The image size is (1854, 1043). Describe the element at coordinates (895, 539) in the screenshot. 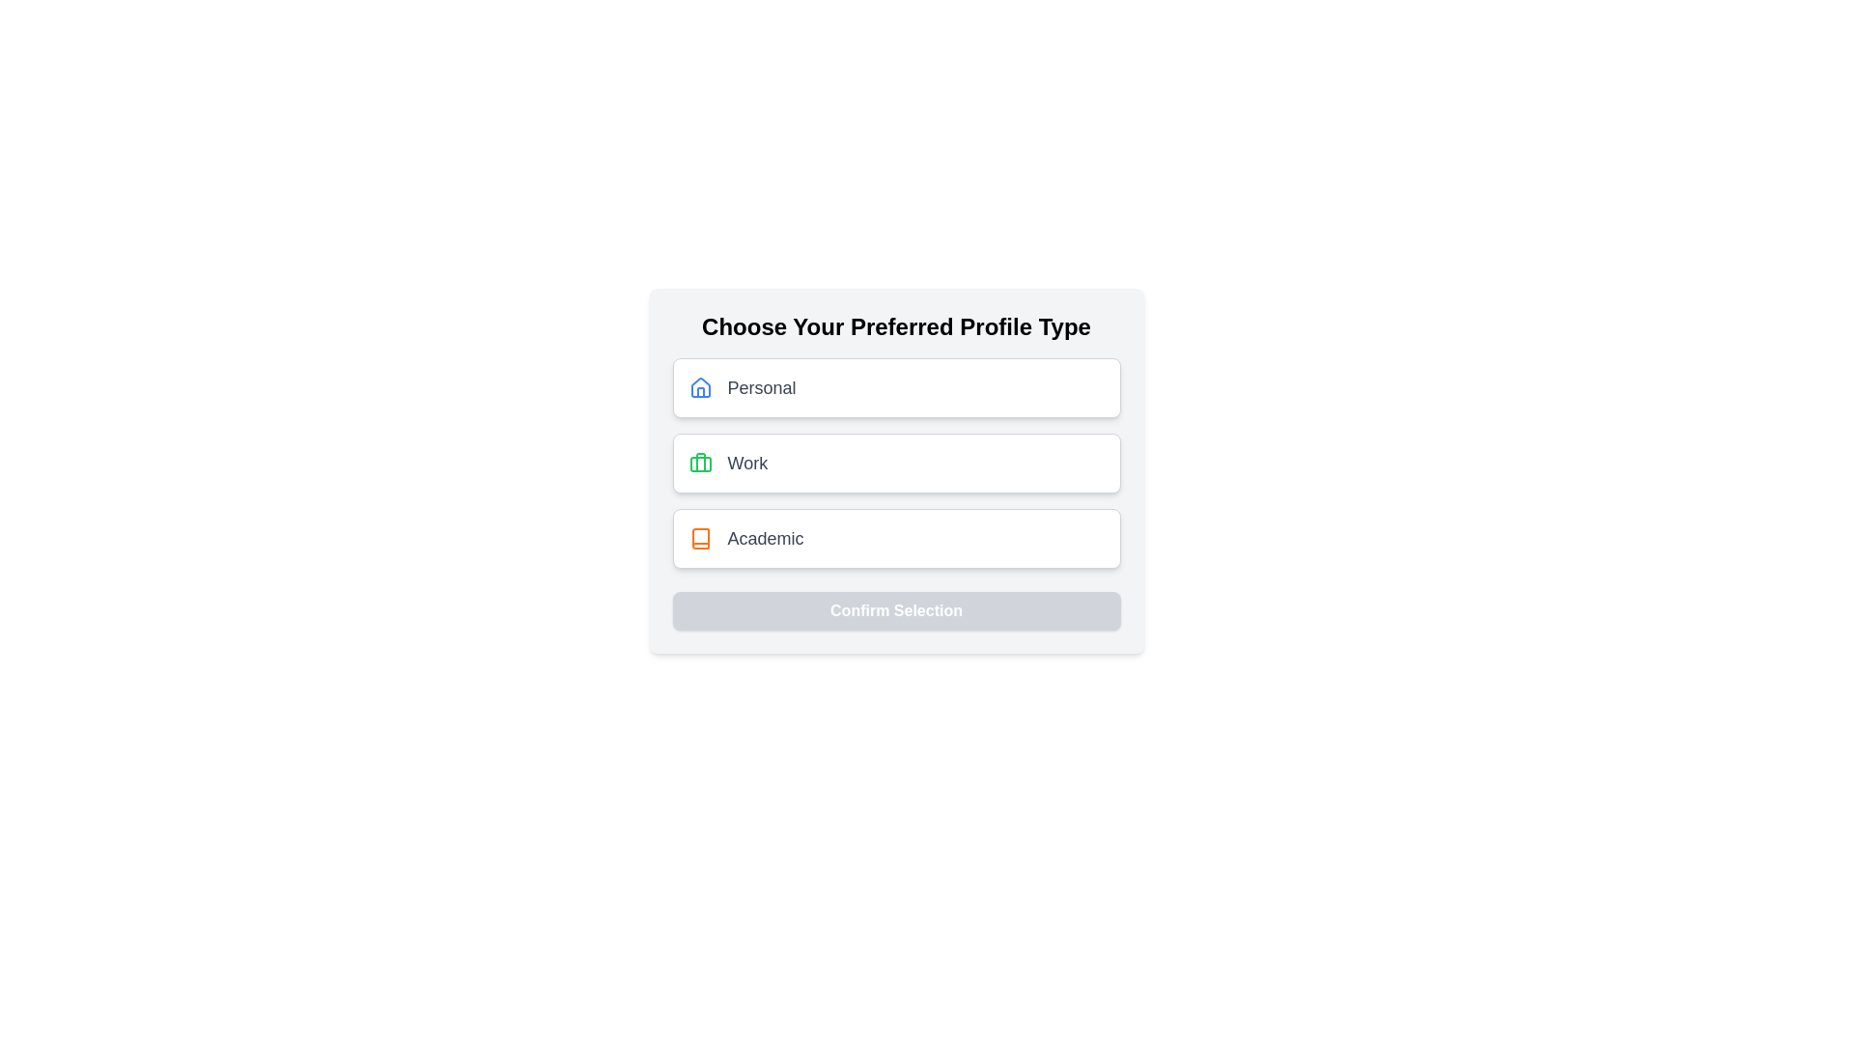

I see `the 'Academic' selectable option` at that location.